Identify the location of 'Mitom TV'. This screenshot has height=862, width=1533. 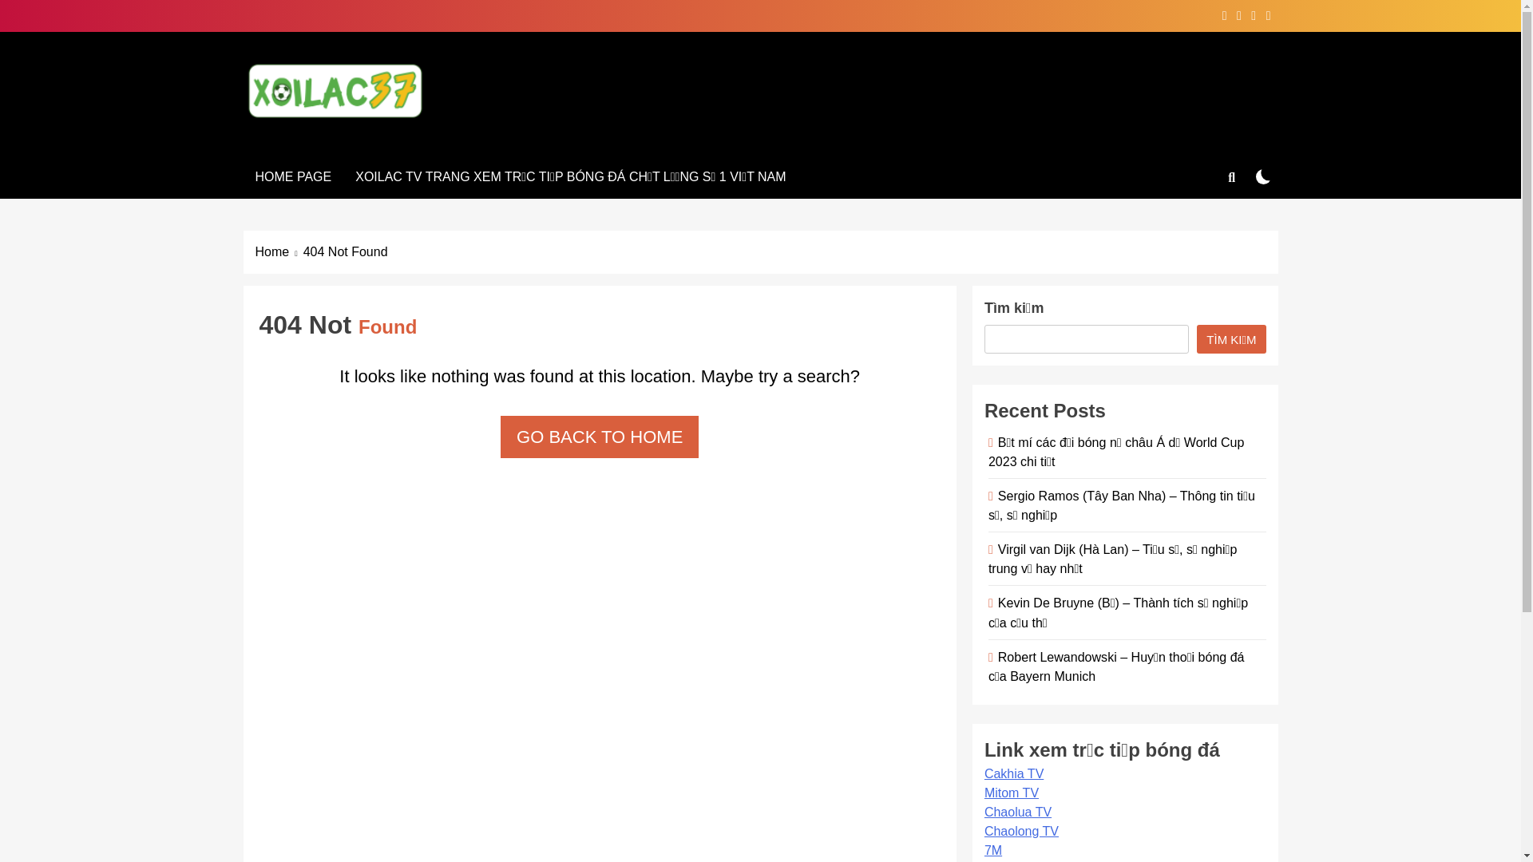
(1011, 793).